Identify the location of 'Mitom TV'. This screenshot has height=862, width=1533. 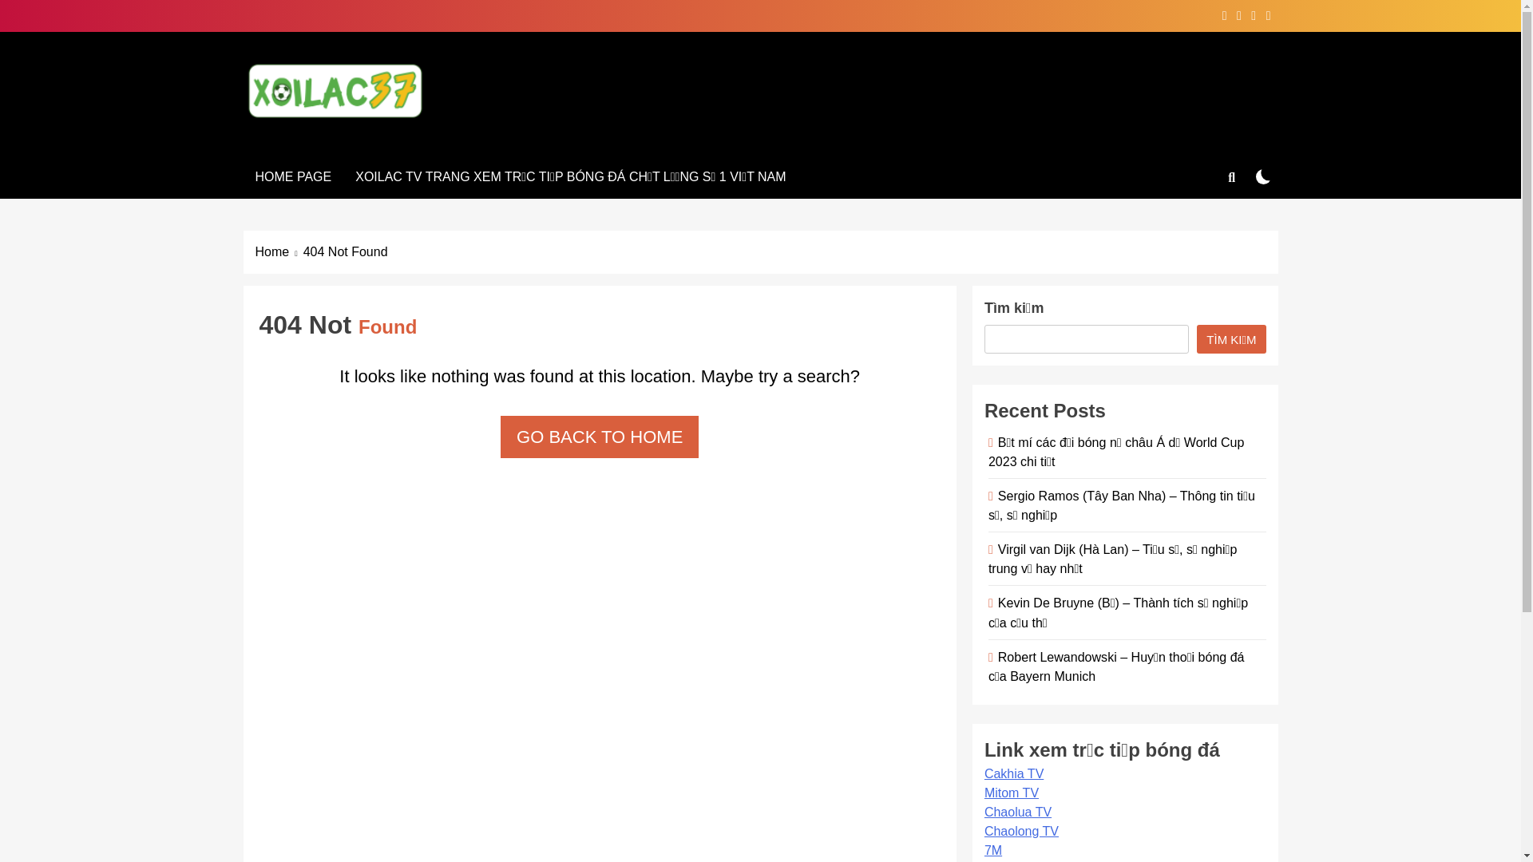
(1011, 793).